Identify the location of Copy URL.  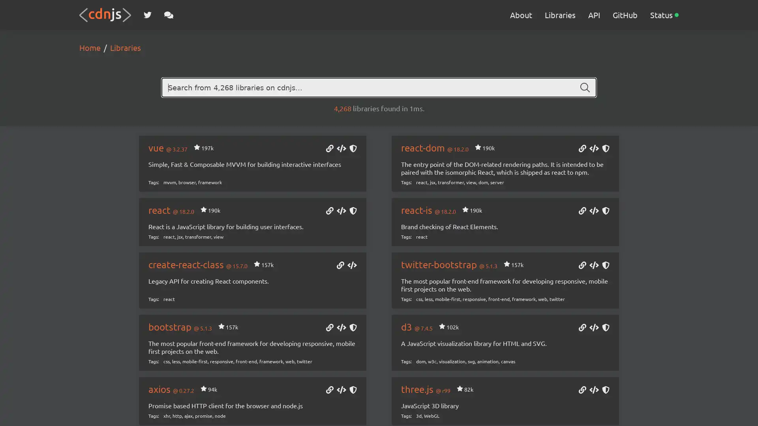
(329, 149).